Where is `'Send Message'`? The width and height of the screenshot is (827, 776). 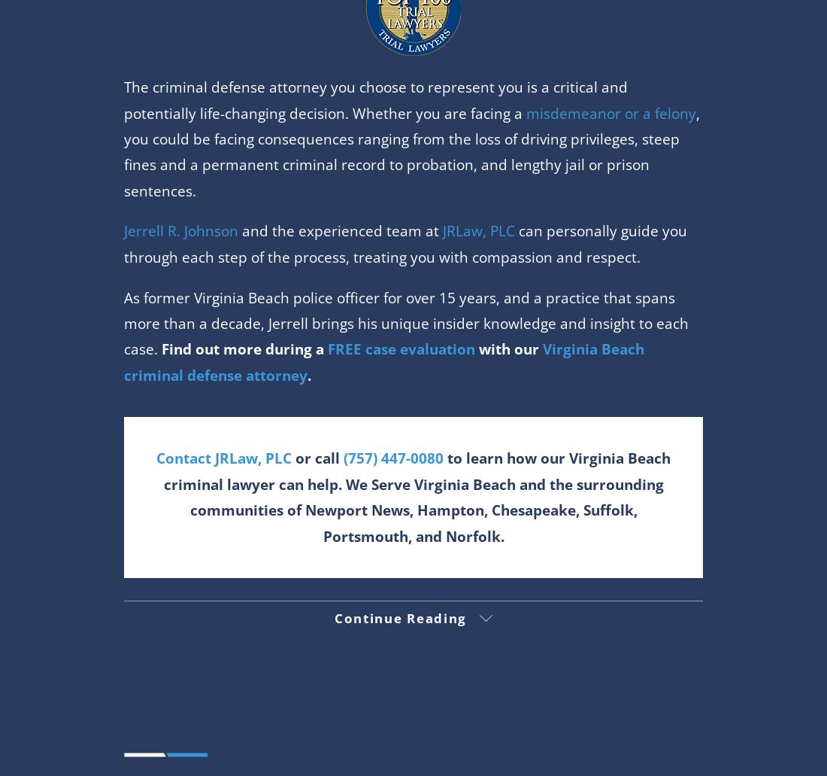 'Send Message' is located at coordinates (186, 73).